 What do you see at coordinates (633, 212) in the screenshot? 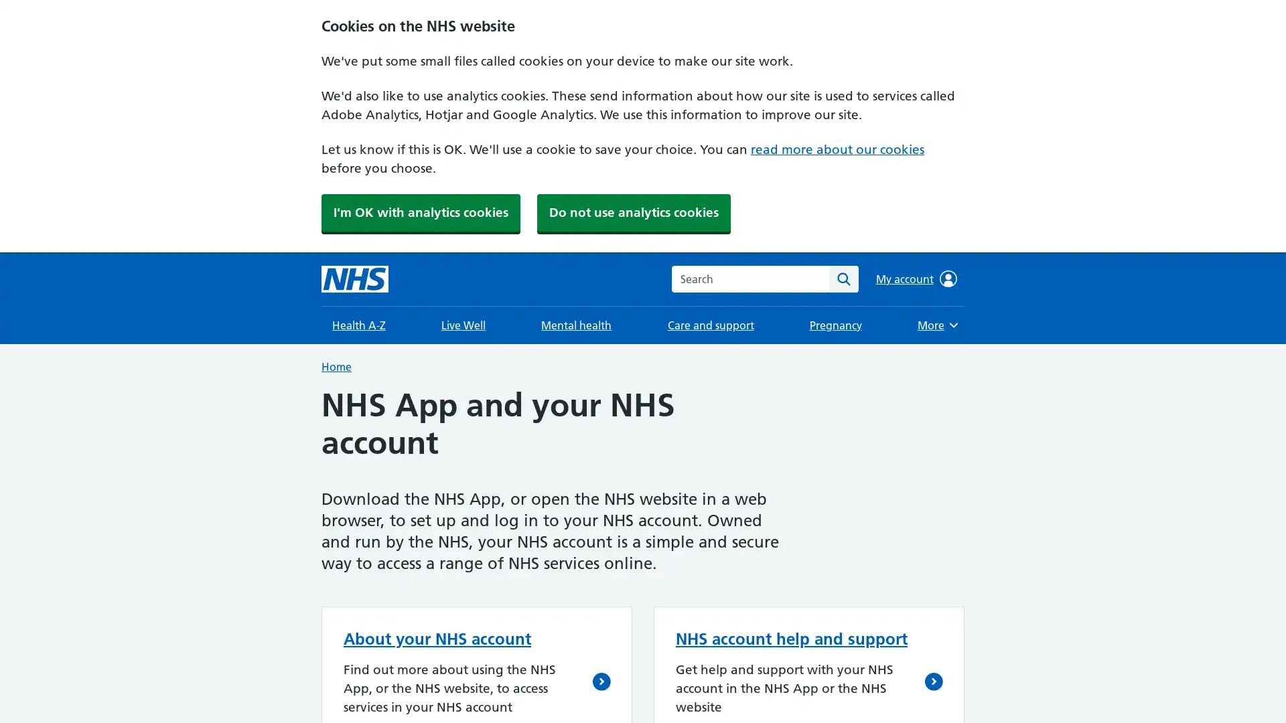
I see `Do not use analytics cookies` at bounding box center [633, 212].